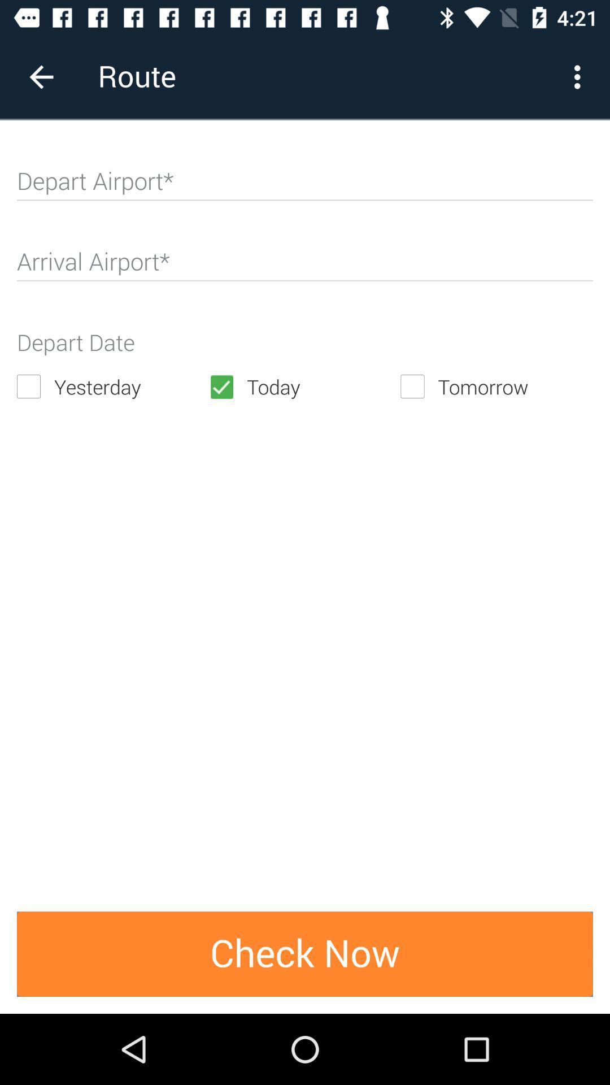 The image size is (610, 1085). Describe the element at coordinates (305, 266) in the screenshot. I see `arrival airport code or name` at that location.